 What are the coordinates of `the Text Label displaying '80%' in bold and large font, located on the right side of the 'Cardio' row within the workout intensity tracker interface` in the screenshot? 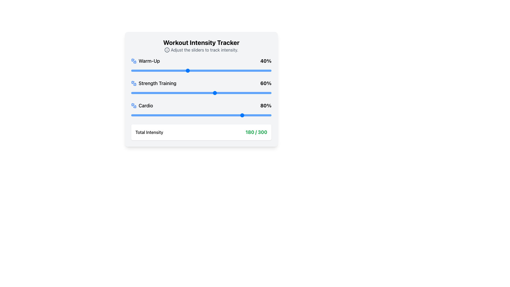 It's located at (266, 105).